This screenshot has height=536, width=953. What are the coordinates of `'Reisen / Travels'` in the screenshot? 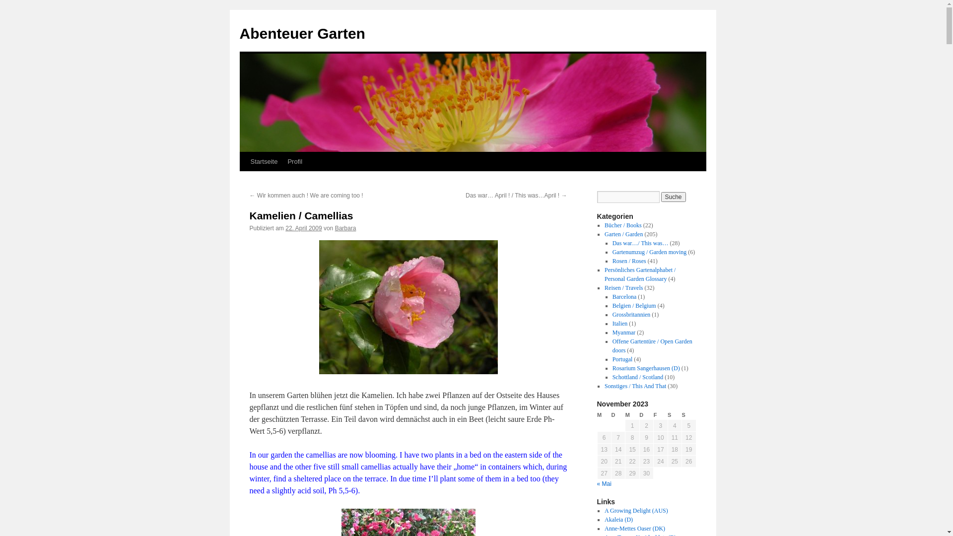 It's located at (623, 287).